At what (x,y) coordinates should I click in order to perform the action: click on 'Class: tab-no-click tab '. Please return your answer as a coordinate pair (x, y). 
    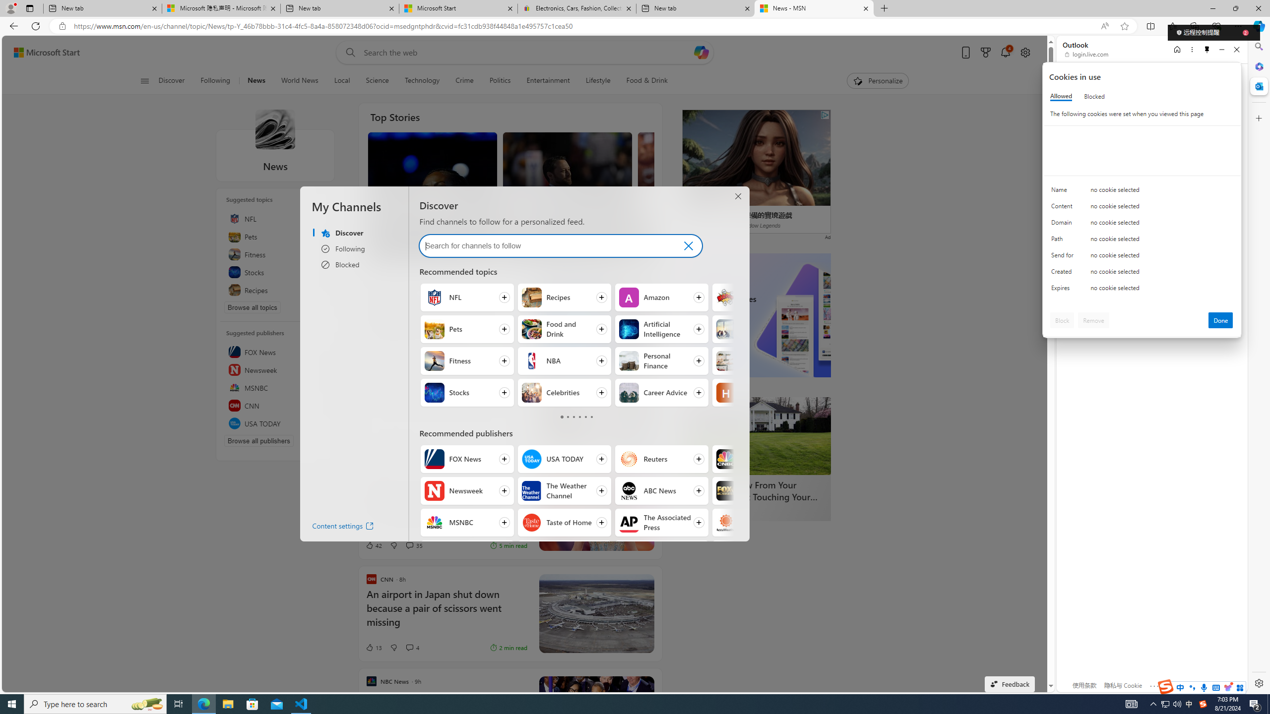
    Looking at the image, I should click on (590, 416).